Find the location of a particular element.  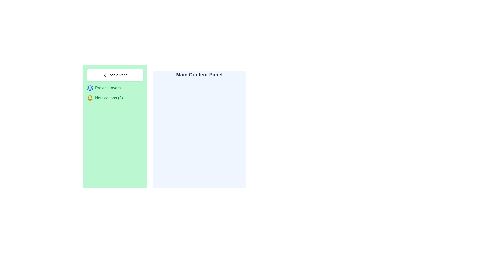

the left-facing chevron icon within the 'Toggle Panel' button is located at coordinates (105, 75).